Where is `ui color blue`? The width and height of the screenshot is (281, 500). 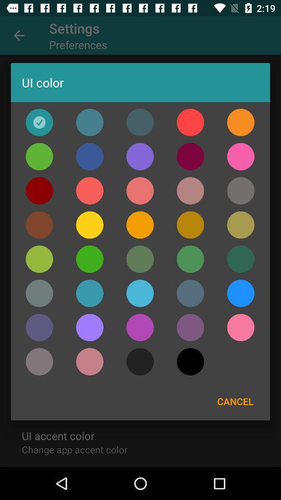 ui color blue is located at coordinates (90, 293).